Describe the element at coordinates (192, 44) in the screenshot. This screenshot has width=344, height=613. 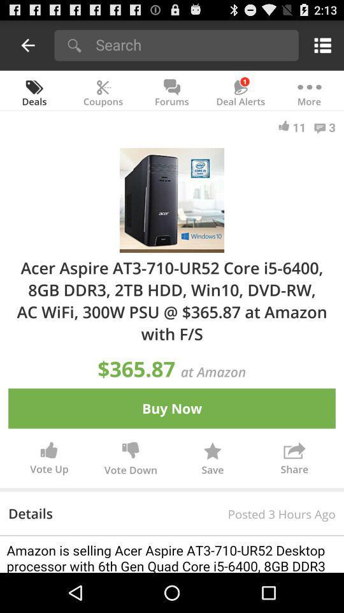
I see `type to search` at that location.